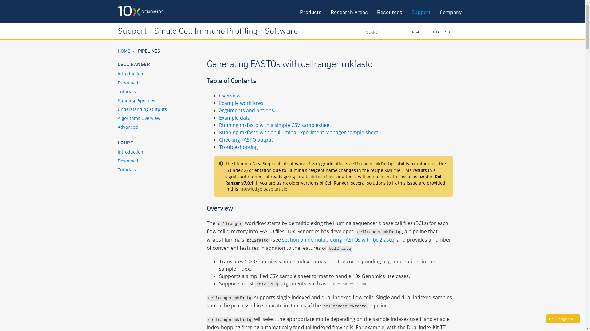 Image resolution: width=590 pixels, height=331 pixels. Describe the element at coordinates (389, 11) in the screenshot. I see `'Resources'` at that location.